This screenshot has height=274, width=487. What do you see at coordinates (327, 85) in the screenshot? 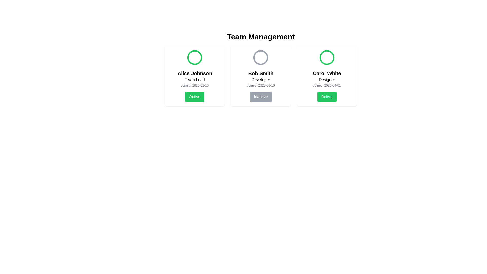
I see `the static text label displaying 'Joined: 2023-04-01' below the user role label 'Designer' and above the status button 'Active' in Carol White's profile card` at bounding box center [327, 85].